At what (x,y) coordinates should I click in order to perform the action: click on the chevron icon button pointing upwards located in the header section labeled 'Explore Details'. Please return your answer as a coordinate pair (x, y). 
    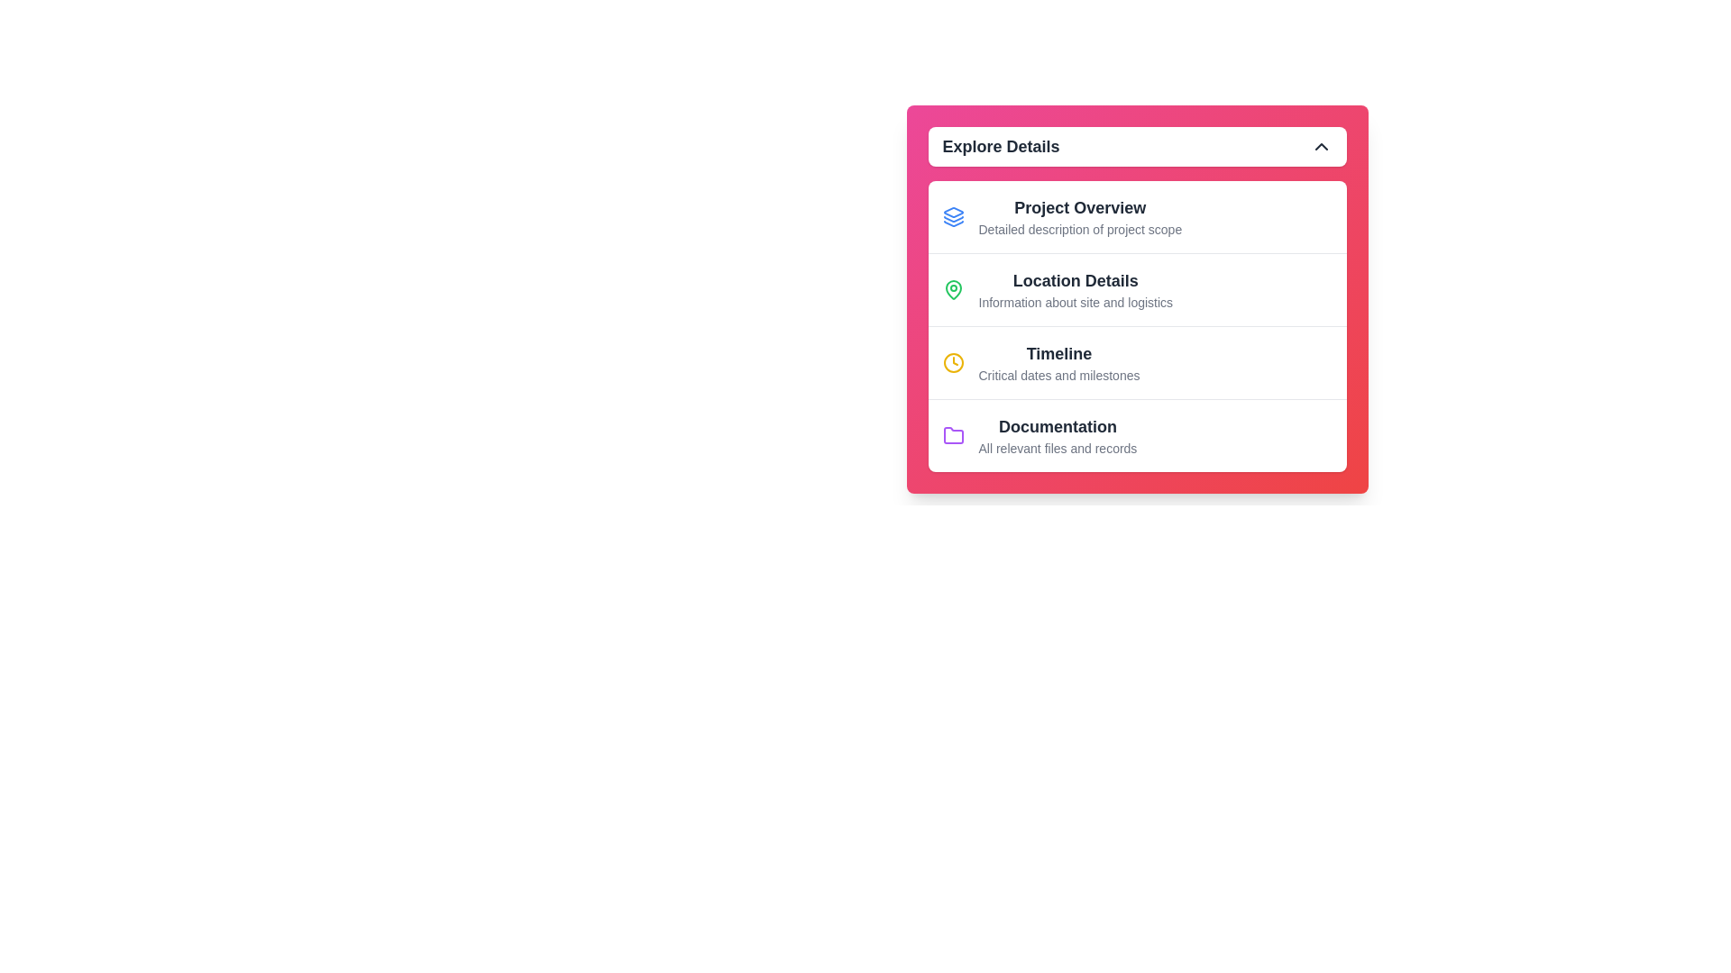
    Looking at the image, I should click on (1321, 145).